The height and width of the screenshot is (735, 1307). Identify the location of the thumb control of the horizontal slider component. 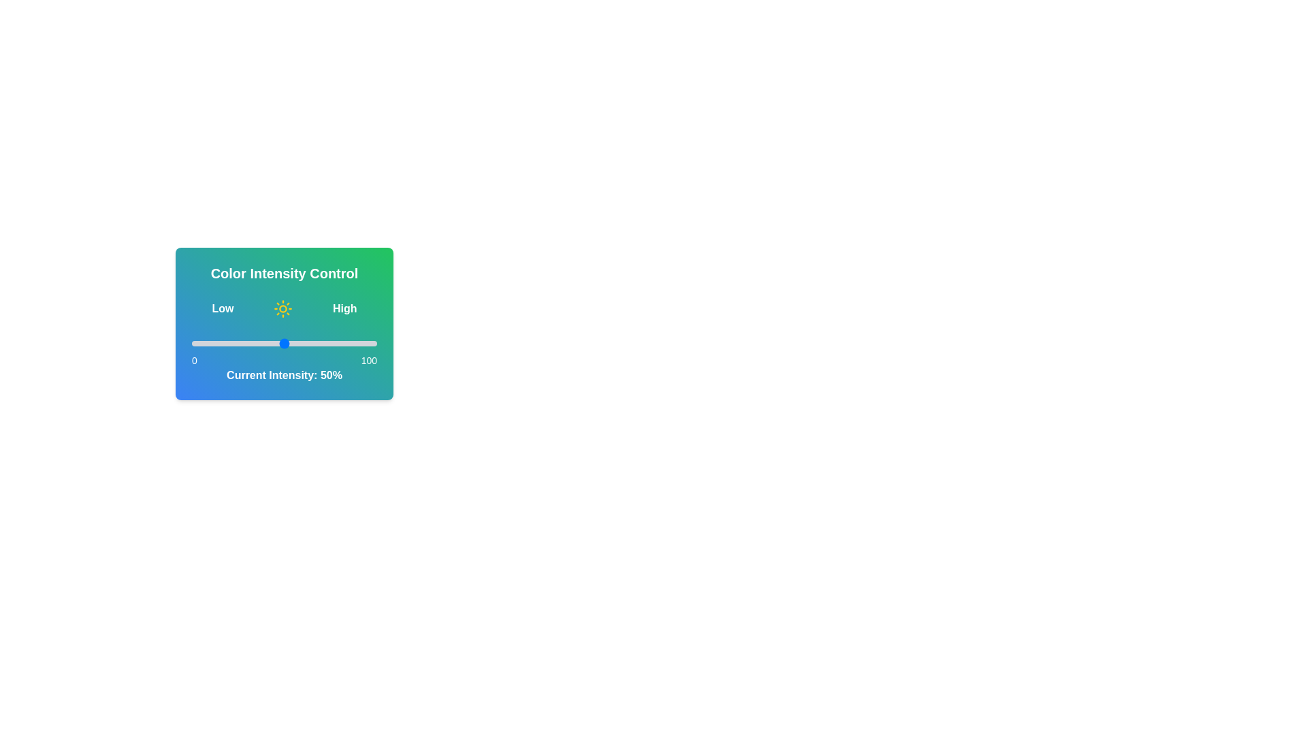
(283, 343).